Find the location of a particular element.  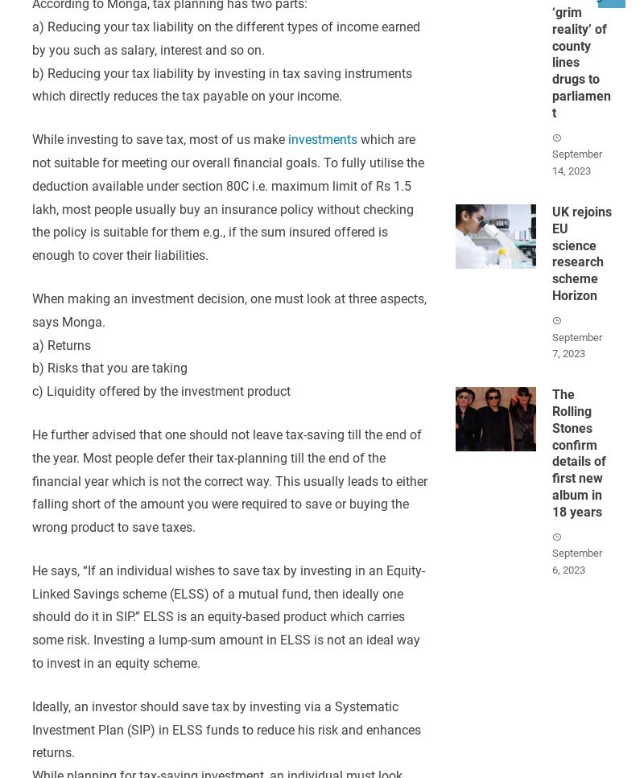

'investments' is located at coordinates (322, 139).